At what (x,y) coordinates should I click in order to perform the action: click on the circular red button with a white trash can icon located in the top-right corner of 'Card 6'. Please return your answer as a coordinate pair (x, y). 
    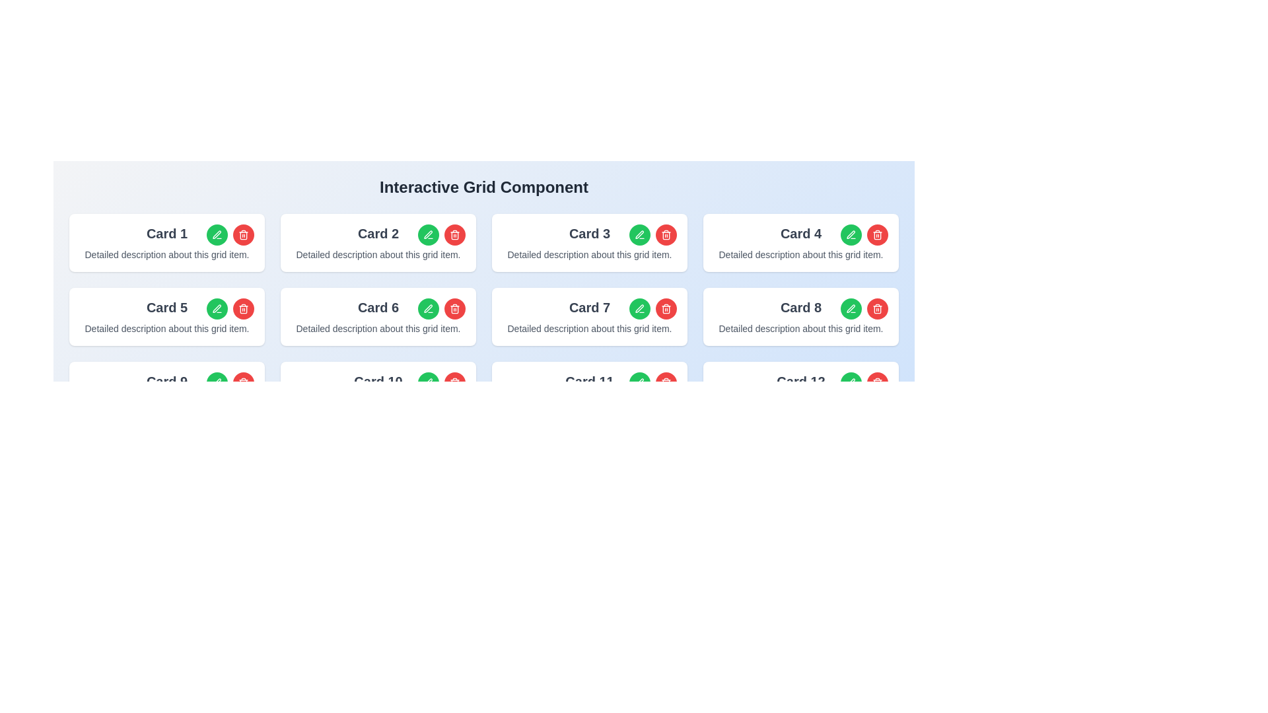
    Looking at the image, I should click on (455, 308).